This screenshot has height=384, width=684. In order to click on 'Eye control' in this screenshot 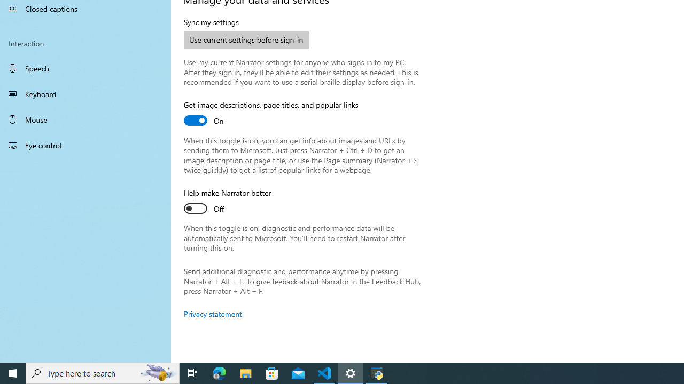, I will do `click(85, 145)`.